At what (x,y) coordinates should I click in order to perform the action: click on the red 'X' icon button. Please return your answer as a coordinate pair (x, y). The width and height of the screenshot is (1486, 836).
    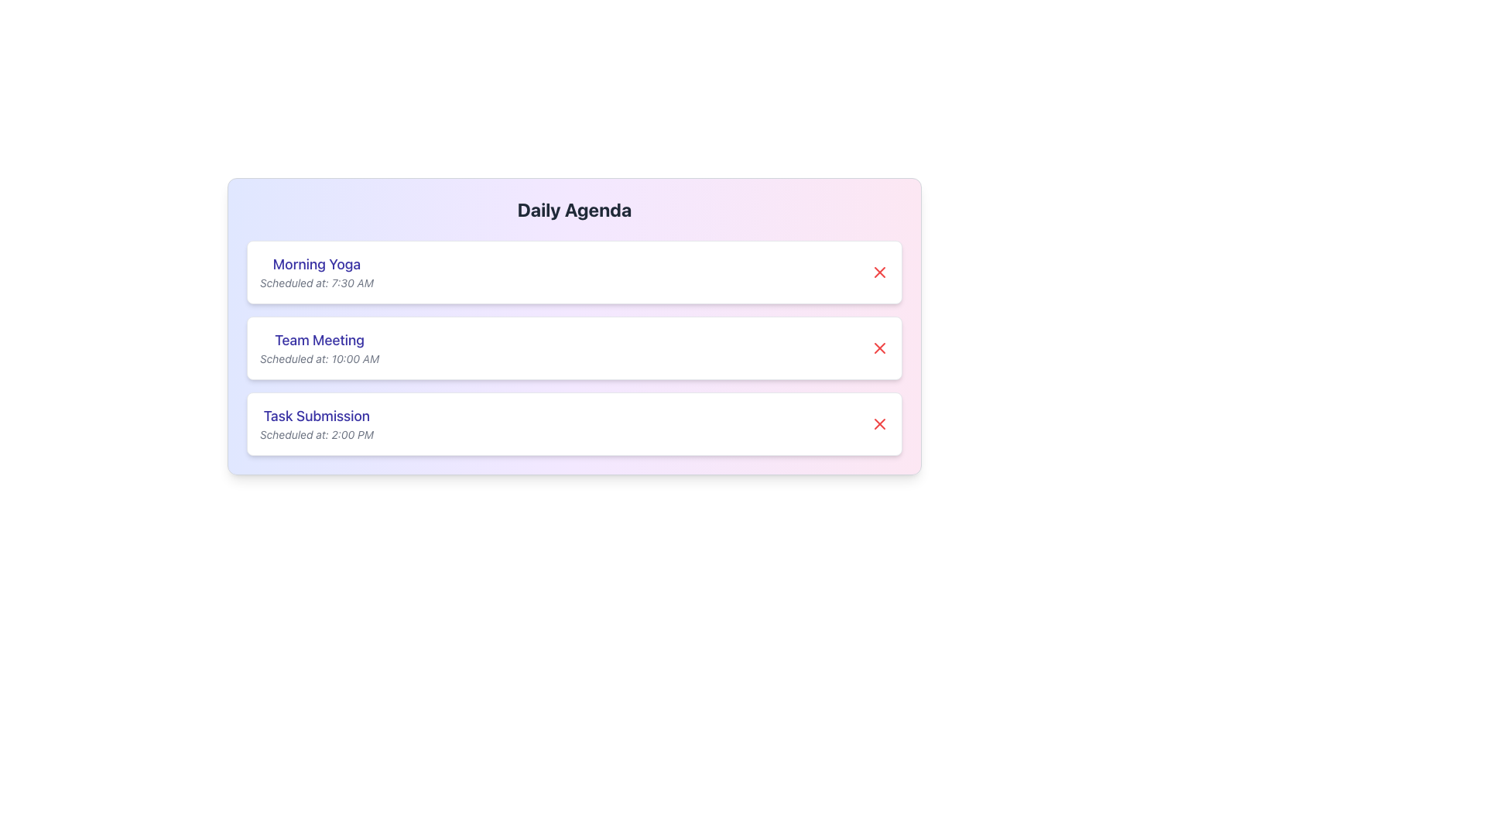
    Looking at the image, I should click on (880, 423).